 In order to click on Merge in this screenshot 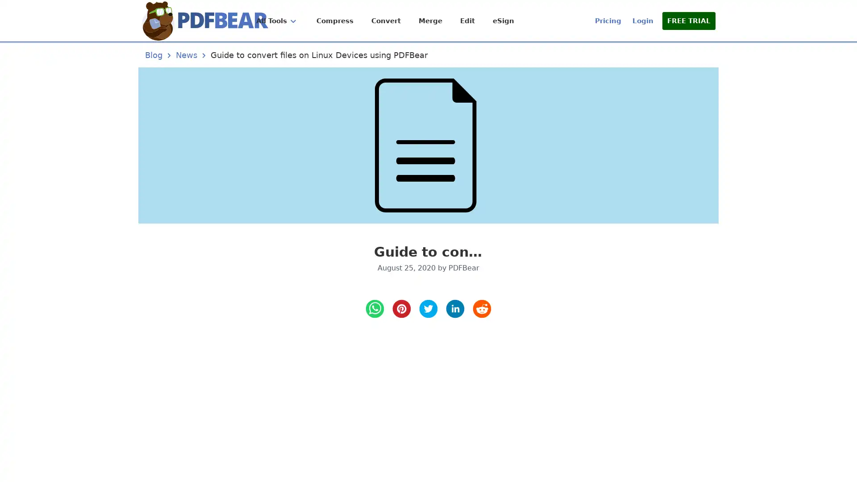, I will do `click(430, 20)`.